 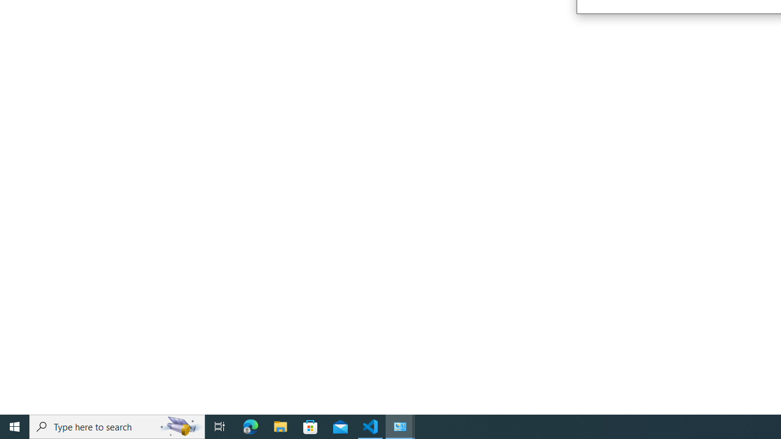 What do you see at coordinates (250, 426) in the screenshot?
I see `'Microsoft Edge'` at bounding box center [250, 426].